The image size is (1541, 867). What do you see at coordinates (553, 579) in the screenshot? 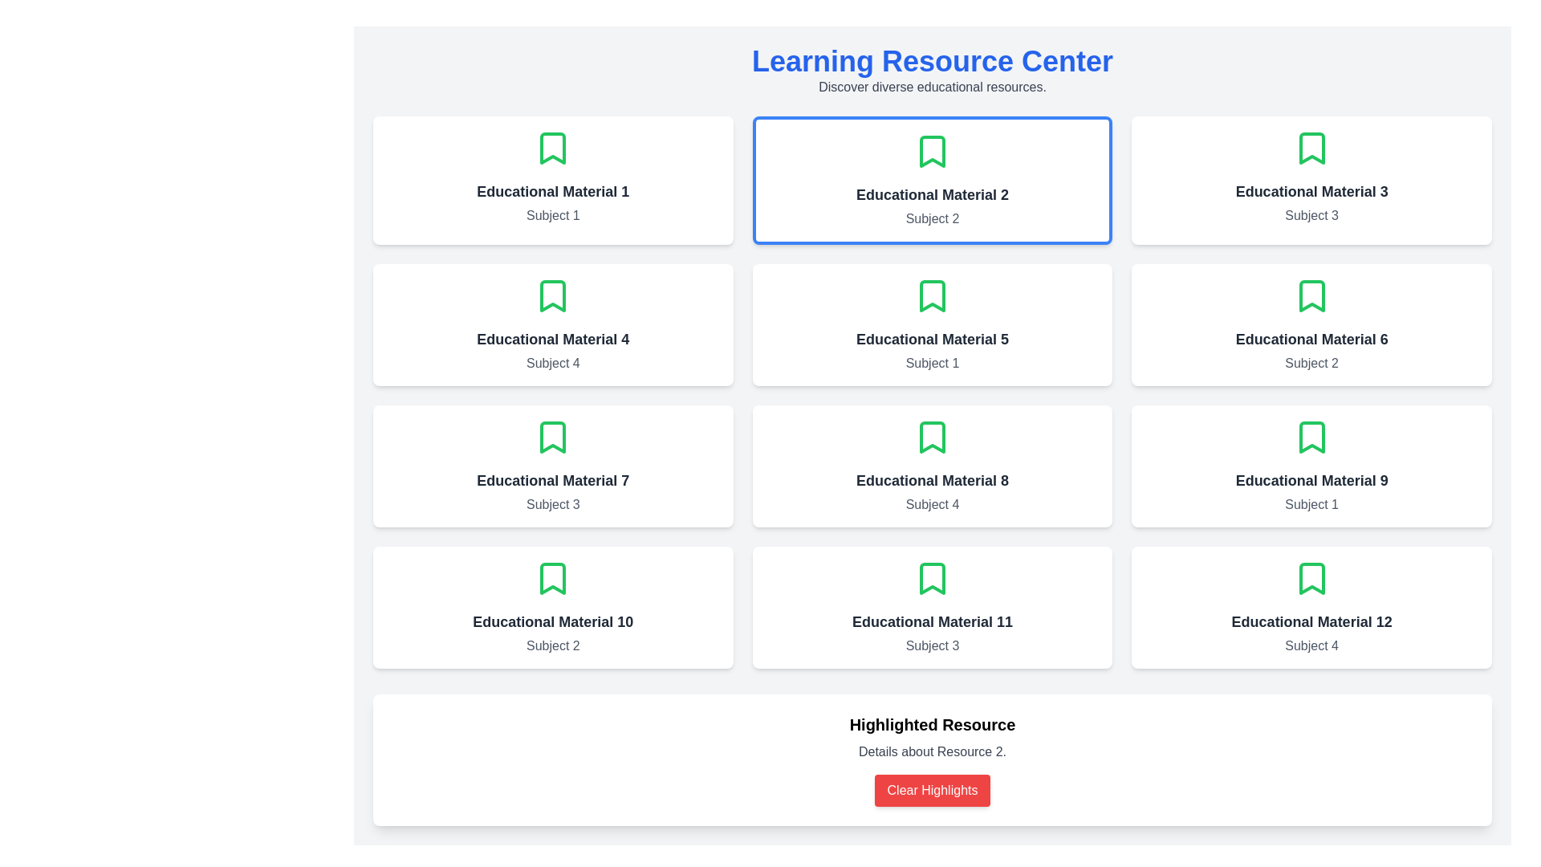
I see `the green bookmark-shaped icon located at the top central area of the card representing 'Educational Material 10, Subject 2'` at bounding box center [553, 579].